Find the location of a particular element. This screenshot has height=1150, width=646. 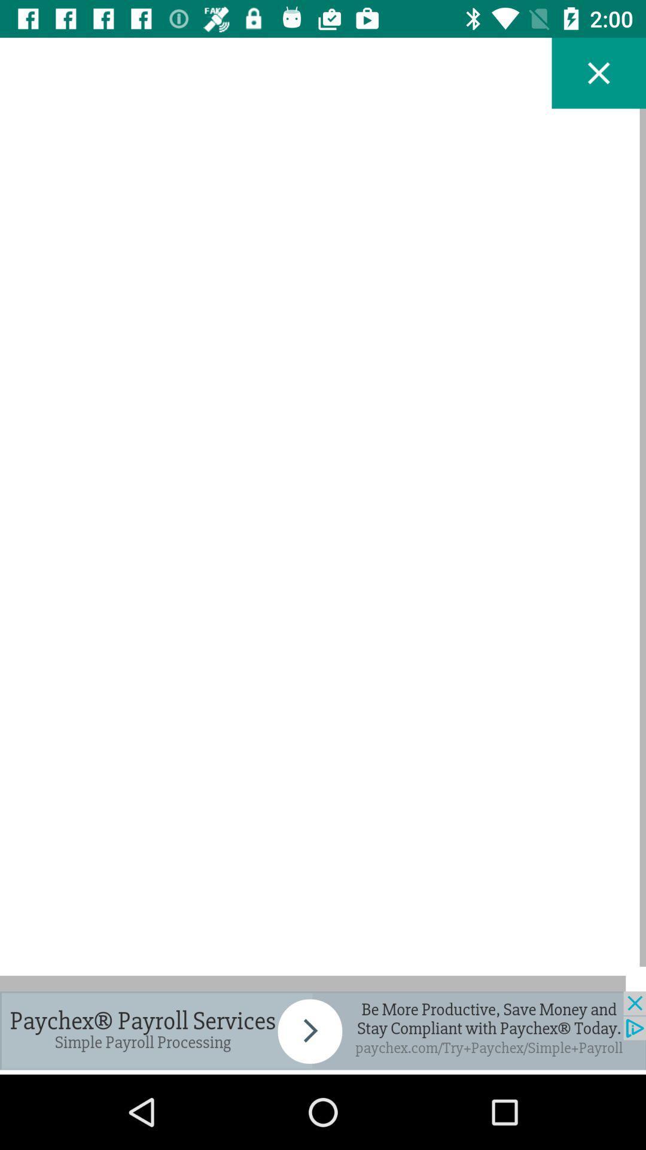

paychex advertisement is located at coordinates (323, 1030).